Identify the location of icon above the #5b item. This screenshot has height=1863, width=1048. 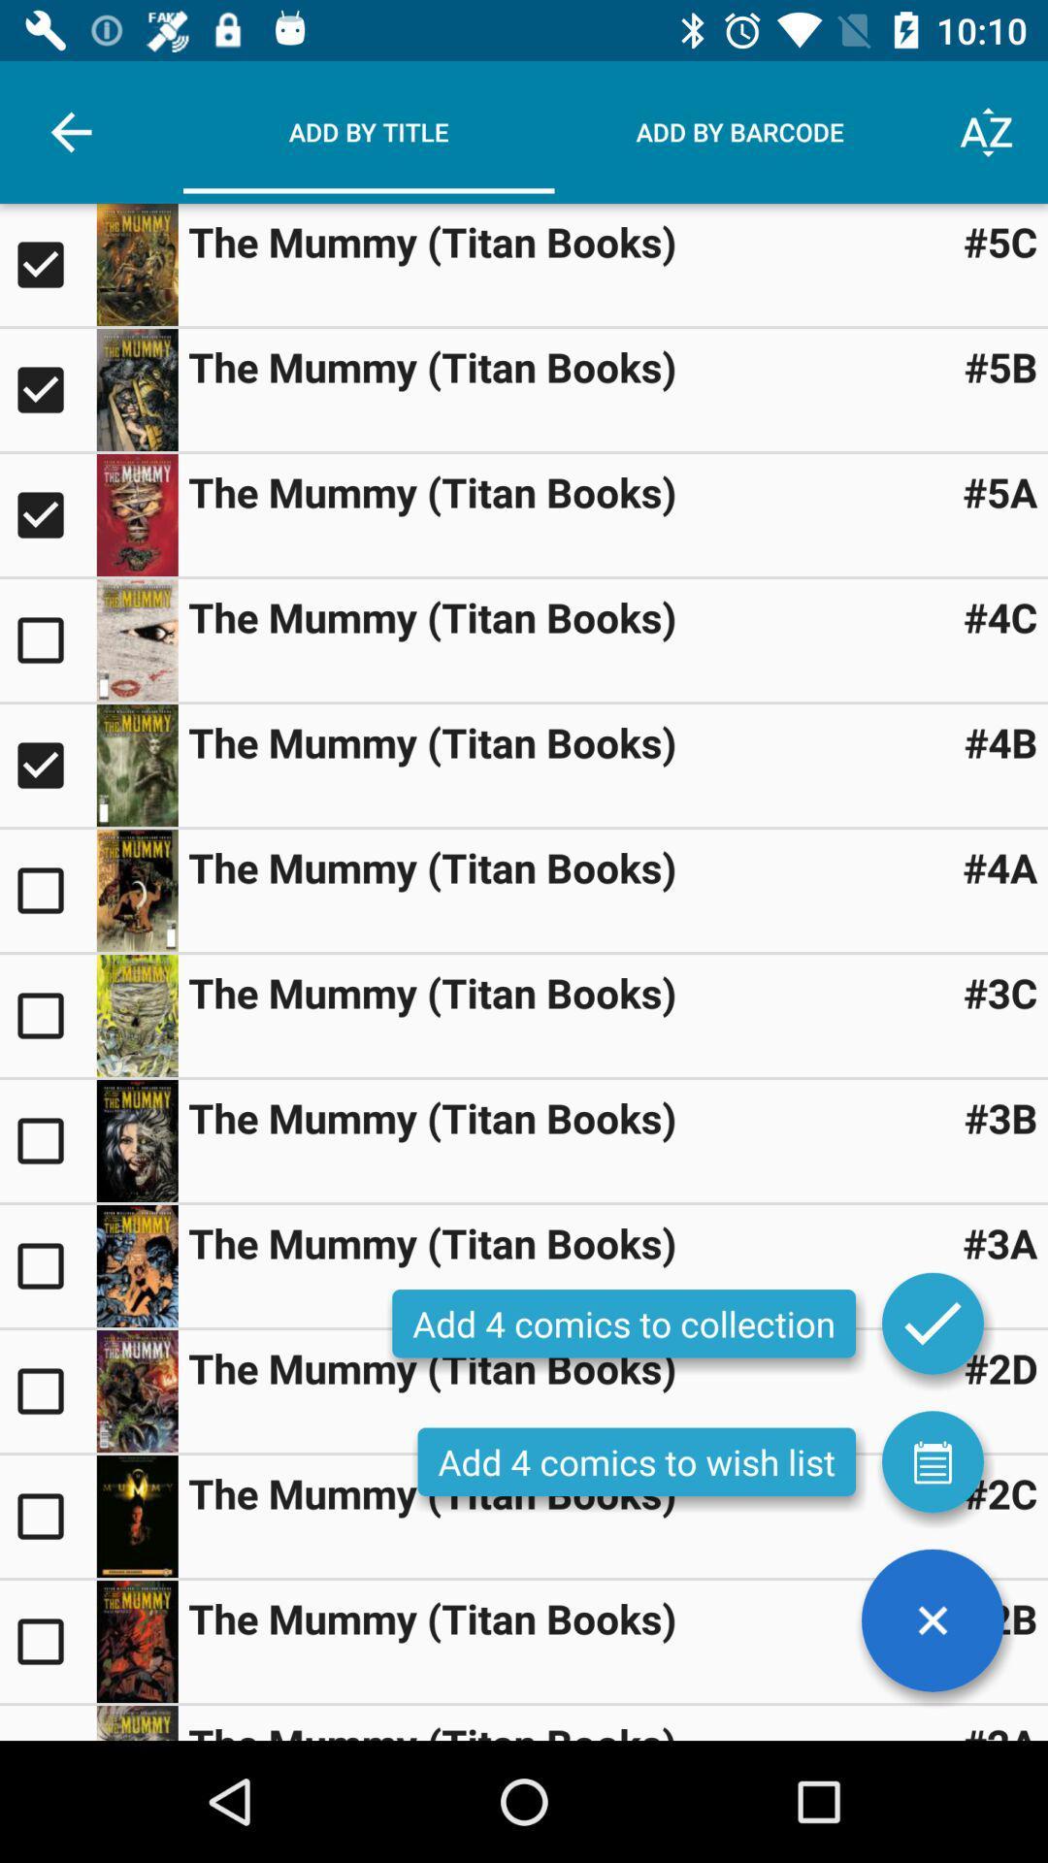
(1000, 241).